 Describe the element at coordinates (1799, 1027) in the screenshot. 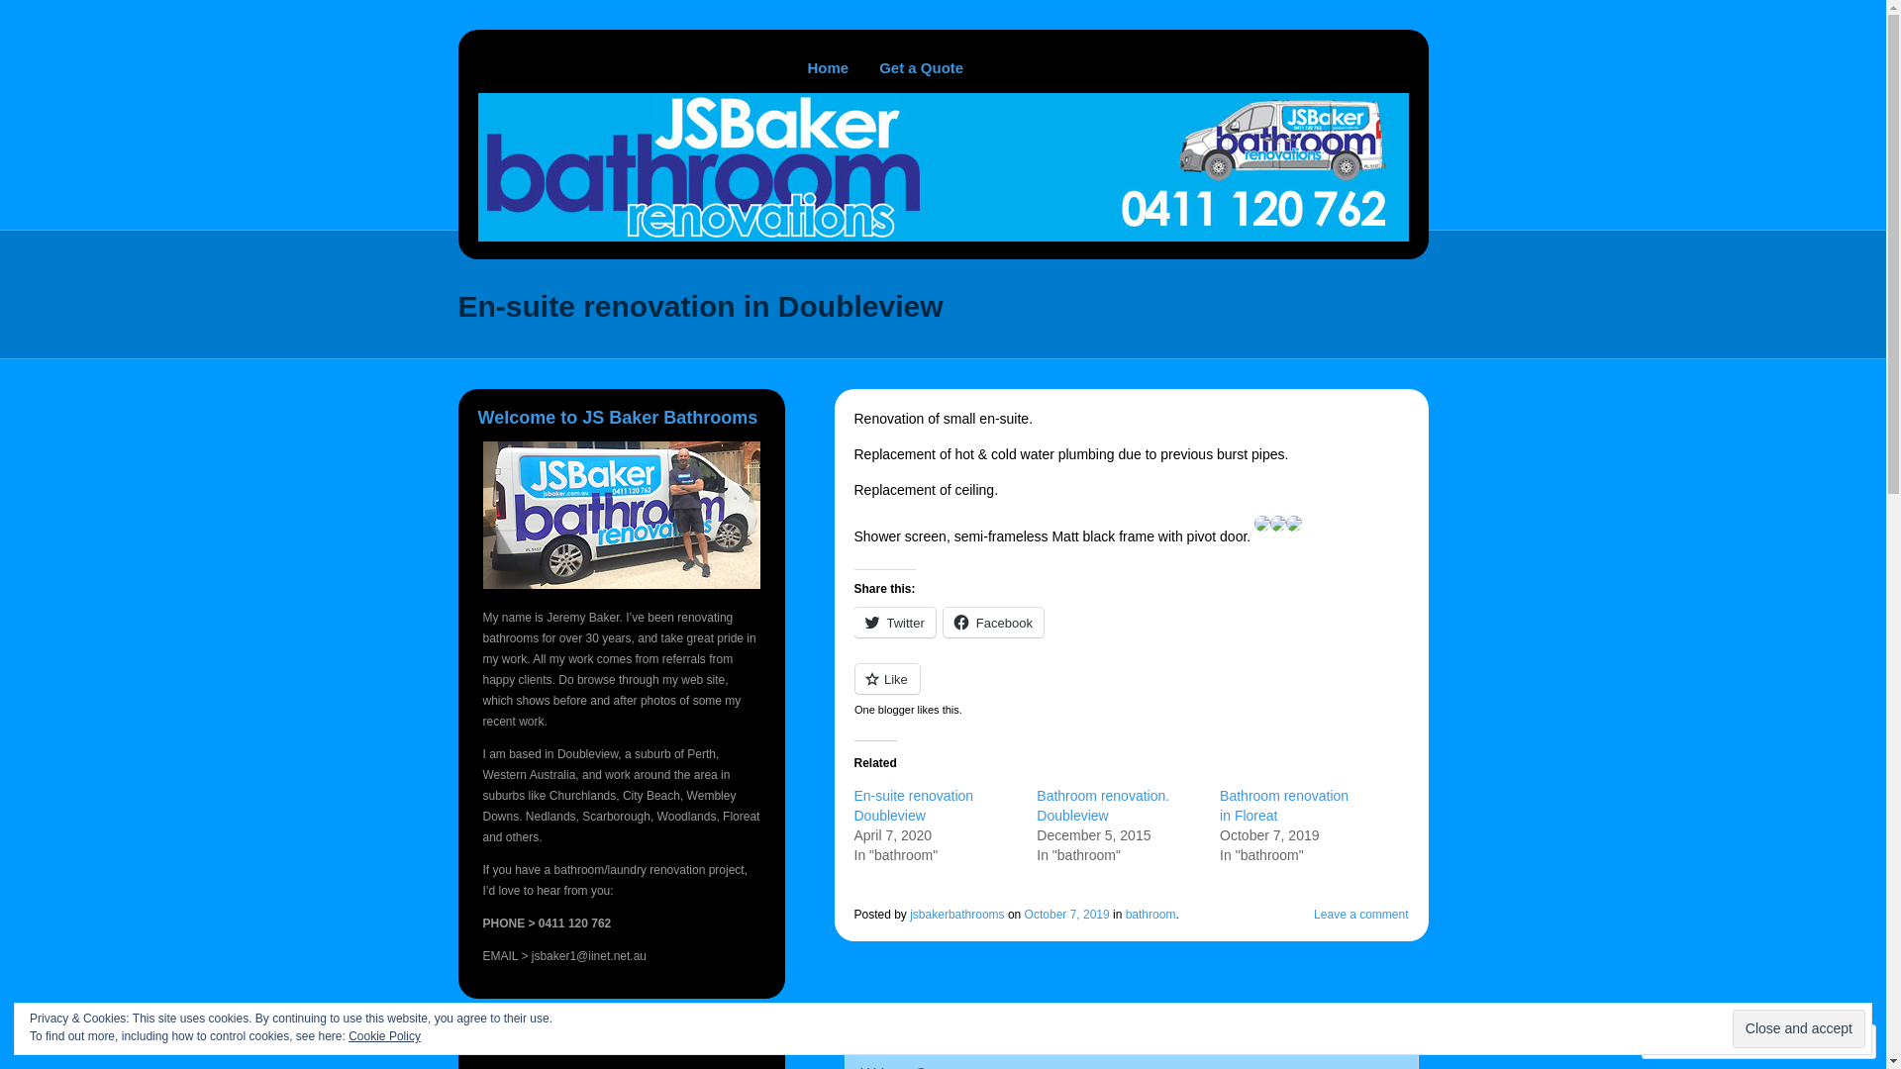

I see `'Close and accept'` at that location.